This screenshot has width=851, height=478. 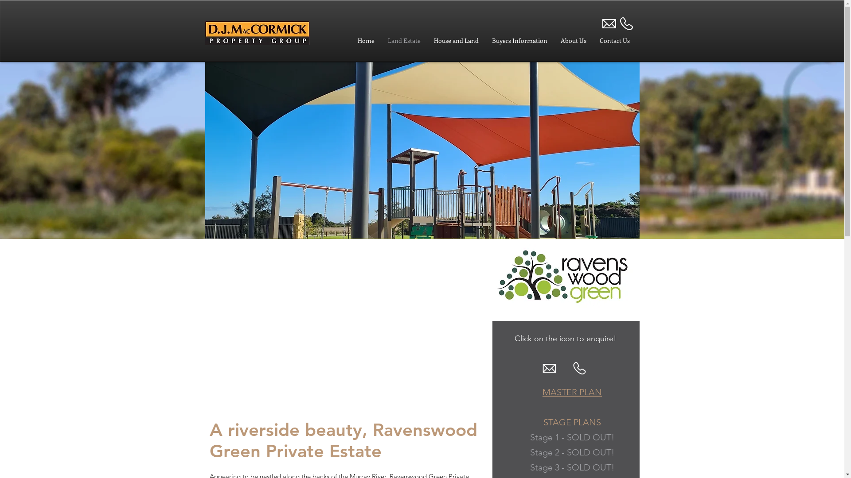 I want to click on 'About Us', so click(x=574, y=41).